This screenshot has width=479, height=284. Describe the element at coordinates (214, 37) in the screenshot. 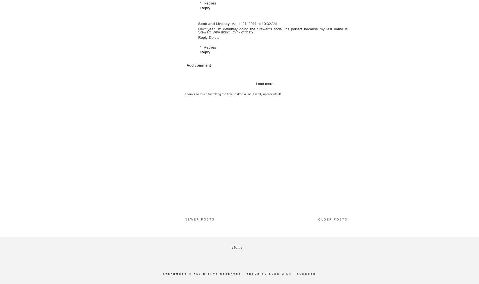

I see `'Delete'` at that location.